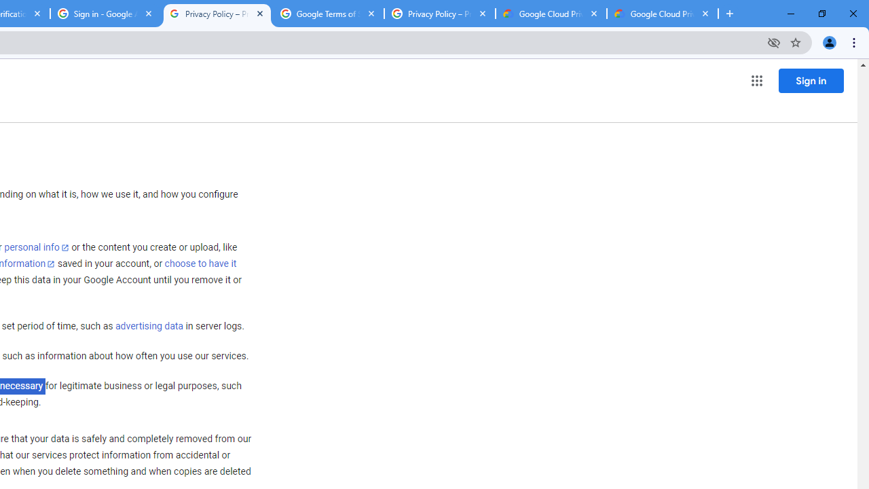  Describe the element at coordinates (37, 247) in the screenshot. I see `'personal info'` at that location.